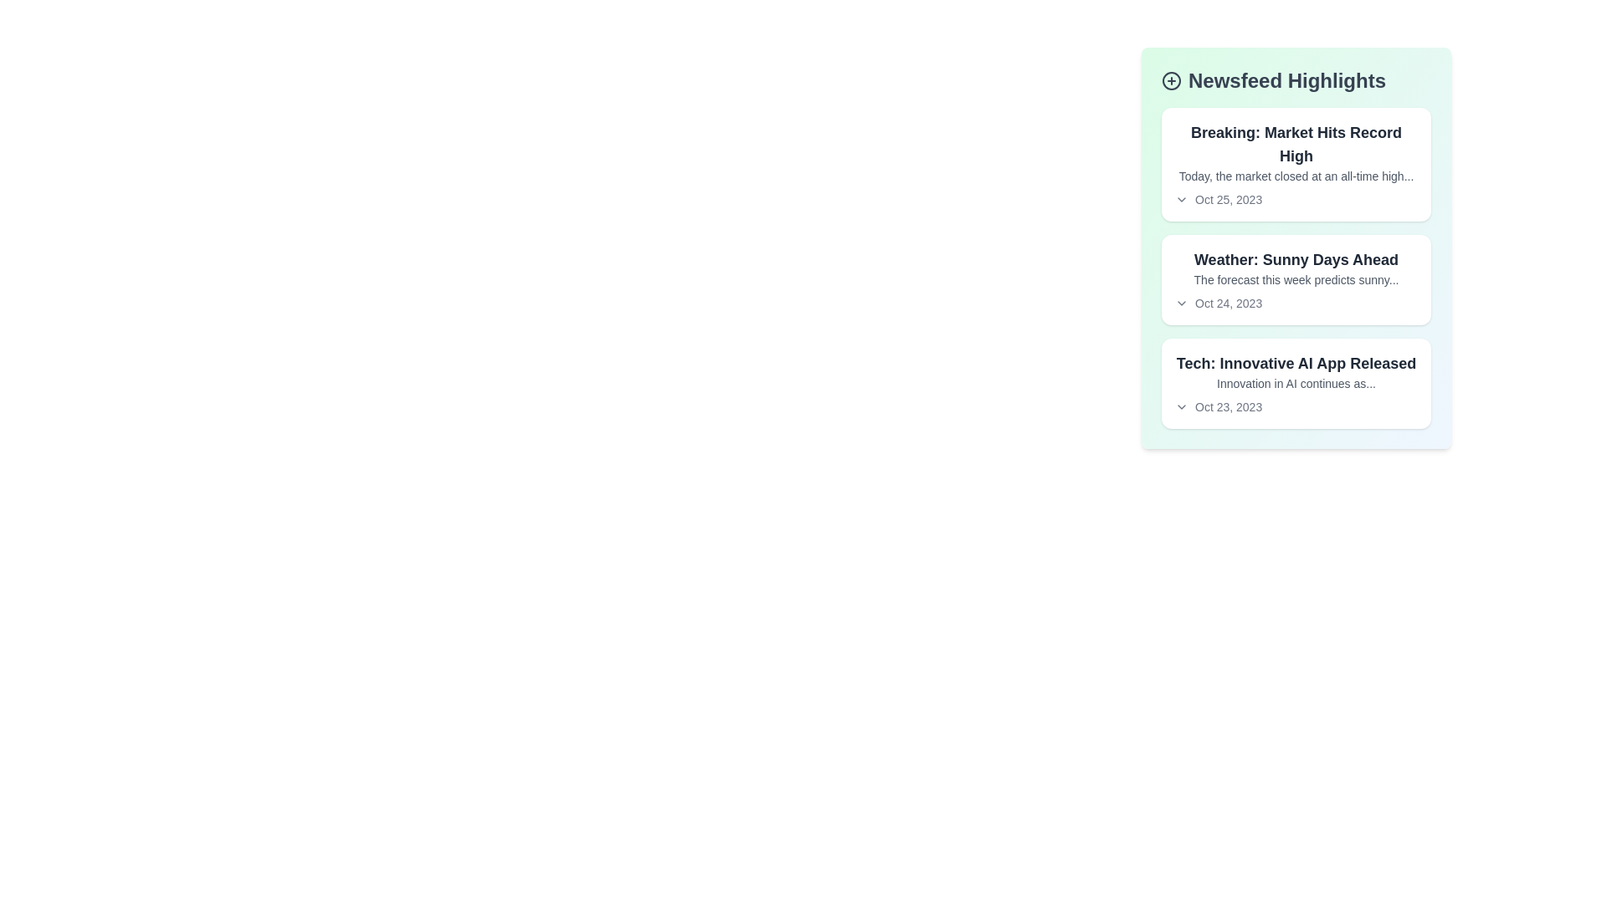 This screenshot has width=1607, height=903. What do you see at coordinates (1296, 144) in the screenshot?
I see `the text of the article titled 'Breaking: Market Hits Record High'` at bounding box center [1296, 144].